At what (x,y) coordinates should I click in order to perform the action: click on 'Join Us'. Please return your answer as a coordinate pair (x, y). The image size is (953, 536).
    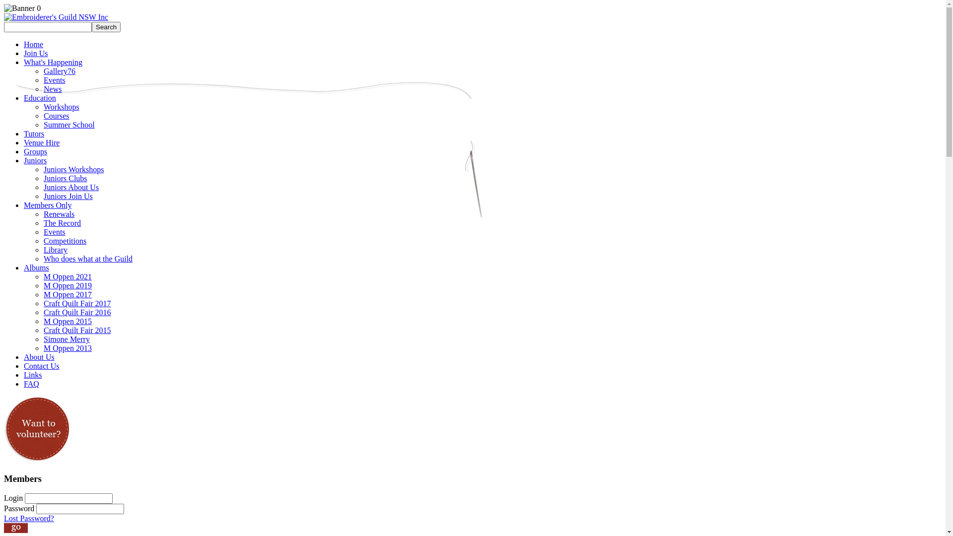
    Looking at the image, I should click on (24, 53).